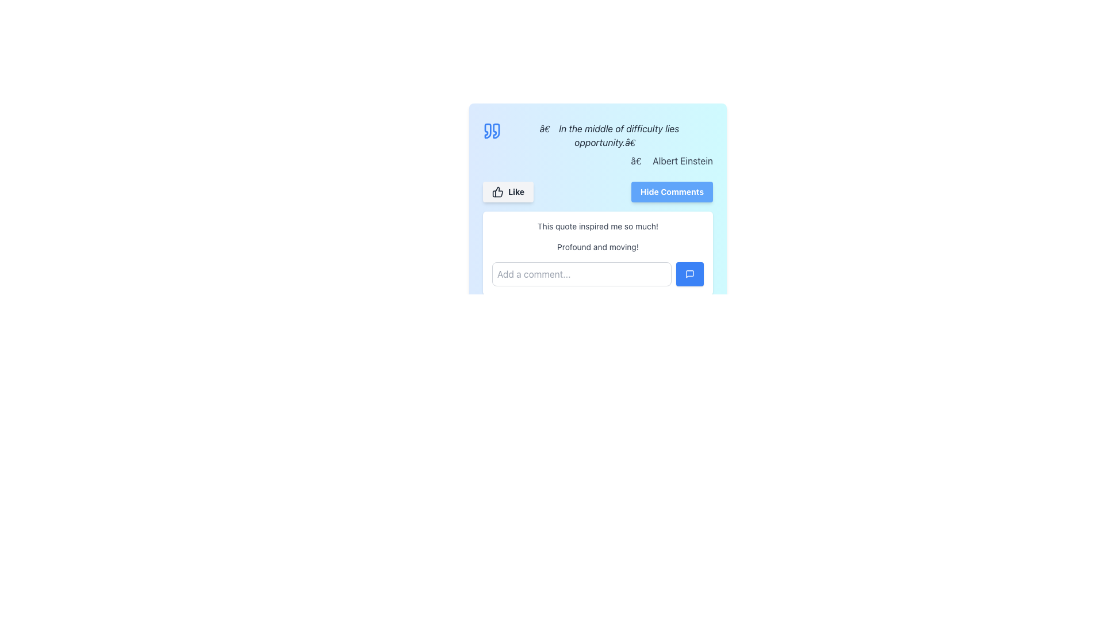  Describe the element at coordinates (497, 191) in the screenshot. I see `the thumbs-up icon, which is a dark gray, cleanly styled icon located to the left of the 'Like' text` at that location.